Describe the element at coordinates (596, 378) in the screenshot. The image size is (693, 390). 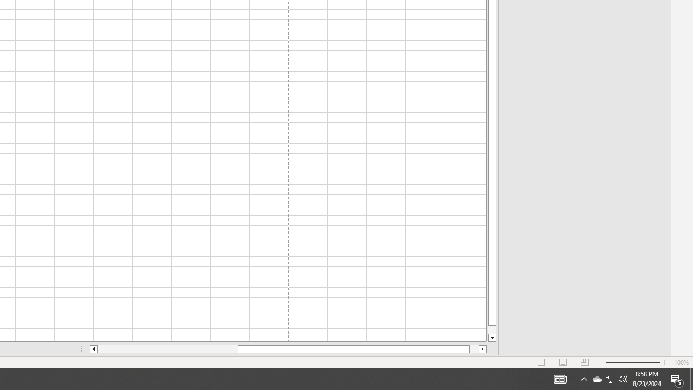
I see `'User Promoted Notification Area'` at that location.